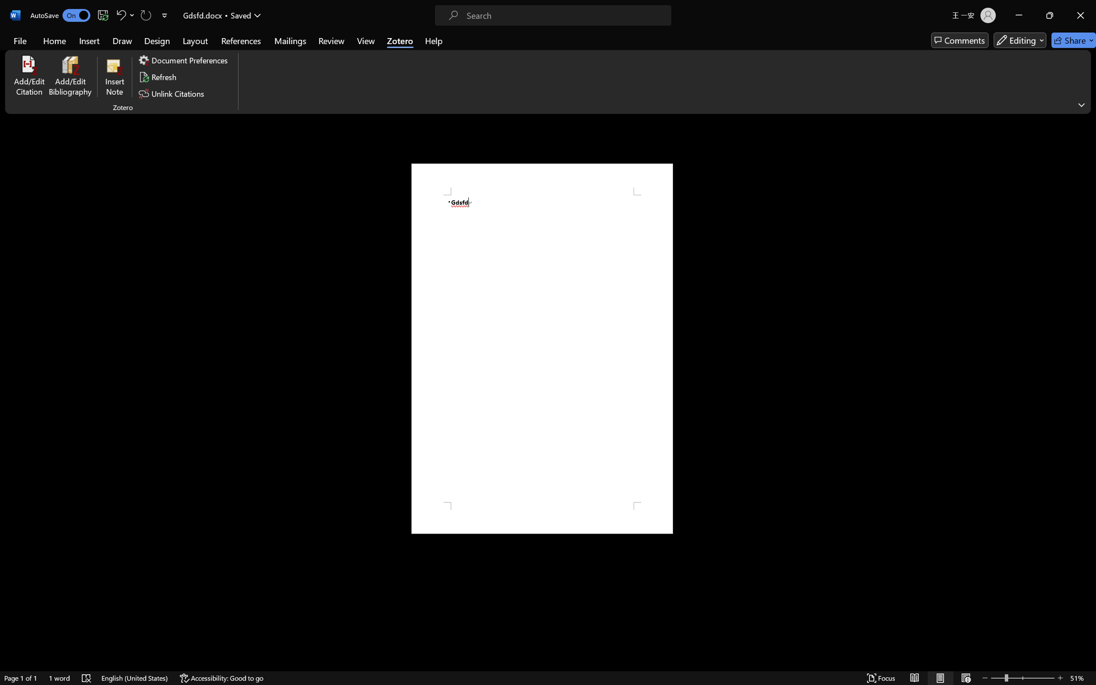 The height and width of the screenshot is (685, 1096). I want to click on 'Connector: Elbow Arrow', so click(435, 48).